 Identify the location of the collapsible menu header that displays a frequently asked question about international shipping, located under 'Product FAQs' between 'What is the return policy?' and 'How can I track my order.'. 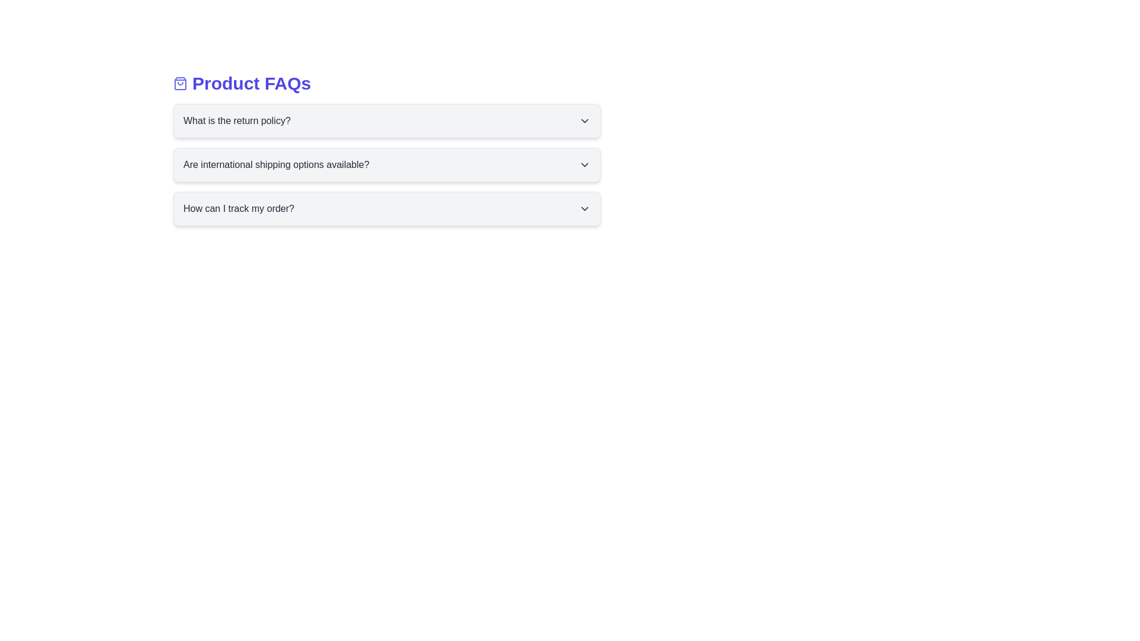
(387, 164).